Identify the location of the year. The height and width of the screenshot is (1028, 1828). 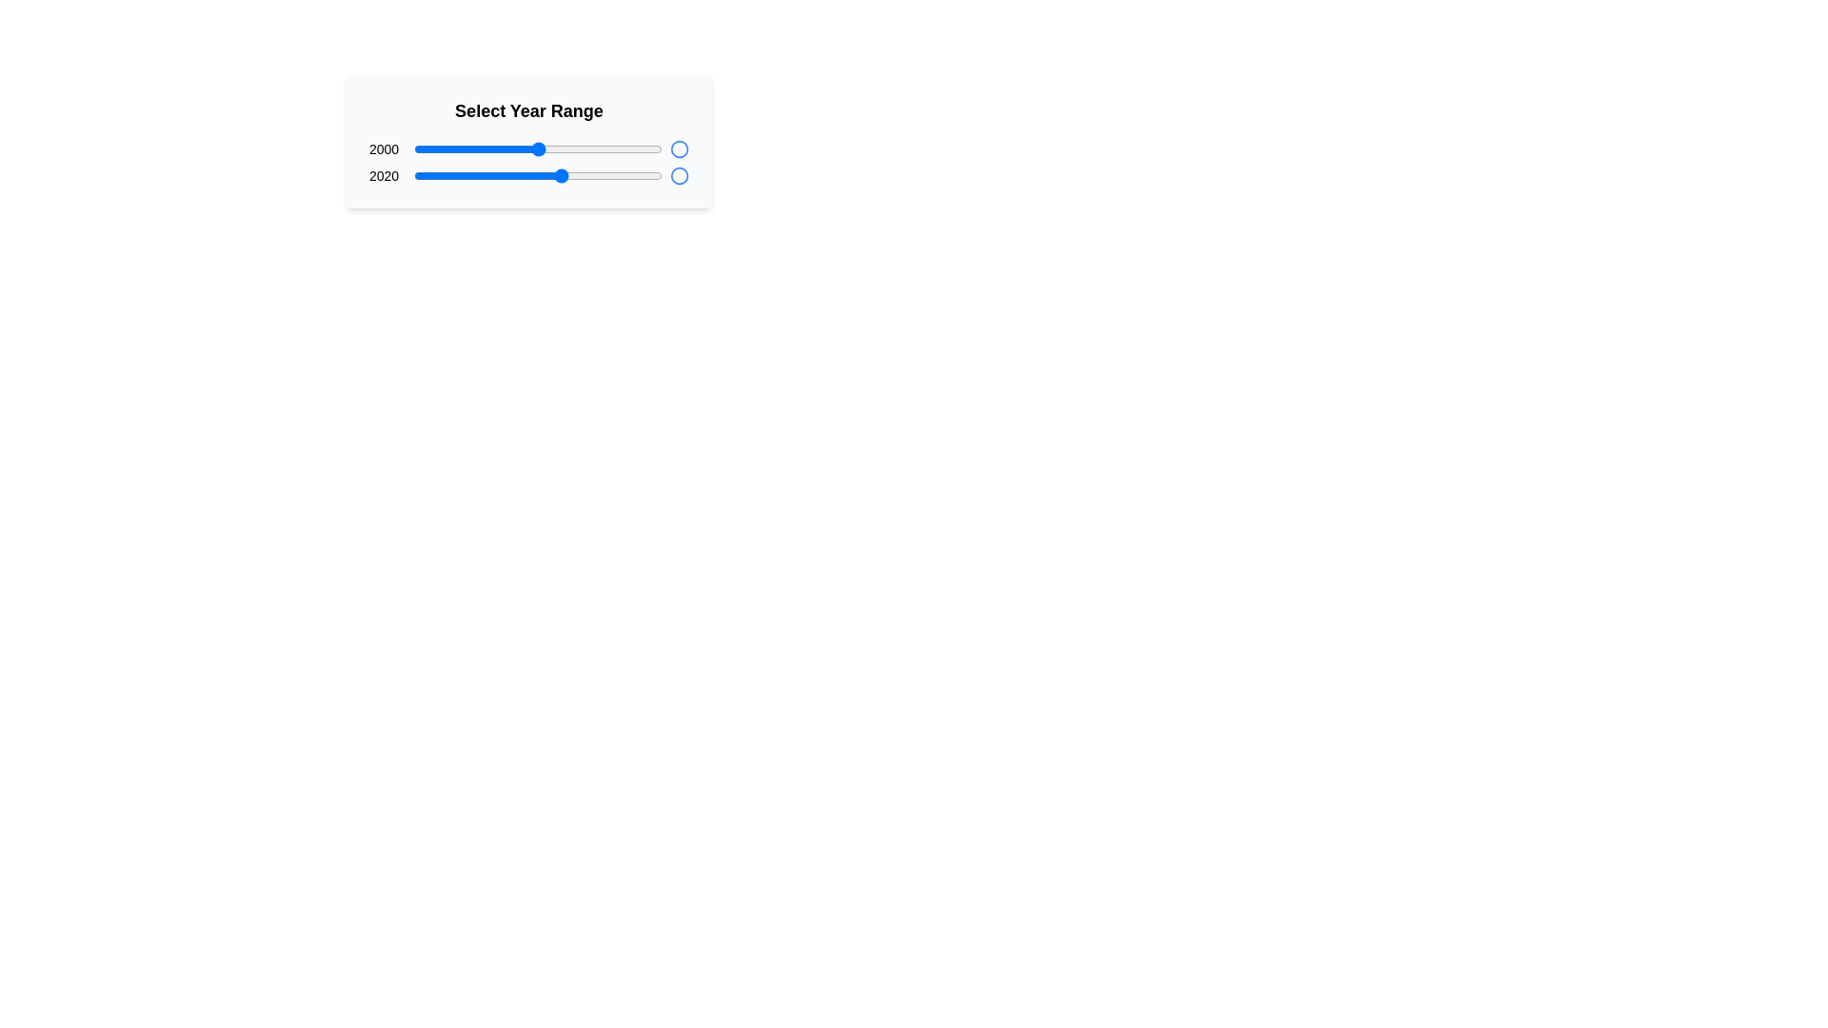
(446, 148).